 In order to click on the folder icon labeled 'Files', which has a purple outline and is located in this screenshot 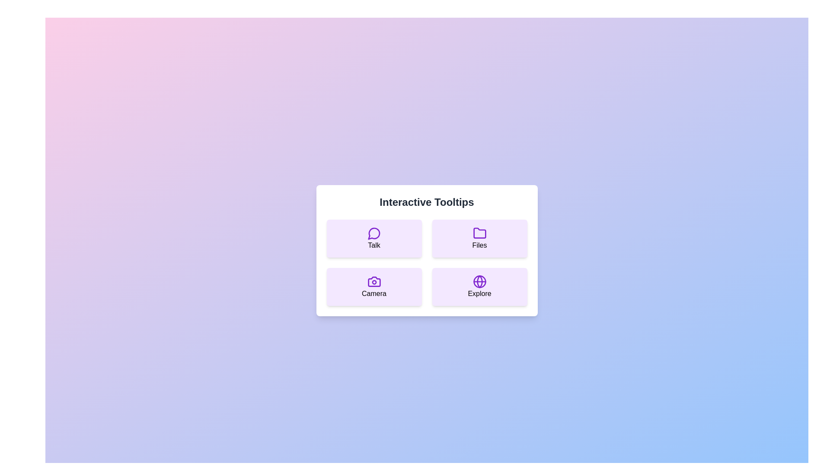, I will do `click(479, 233)`.